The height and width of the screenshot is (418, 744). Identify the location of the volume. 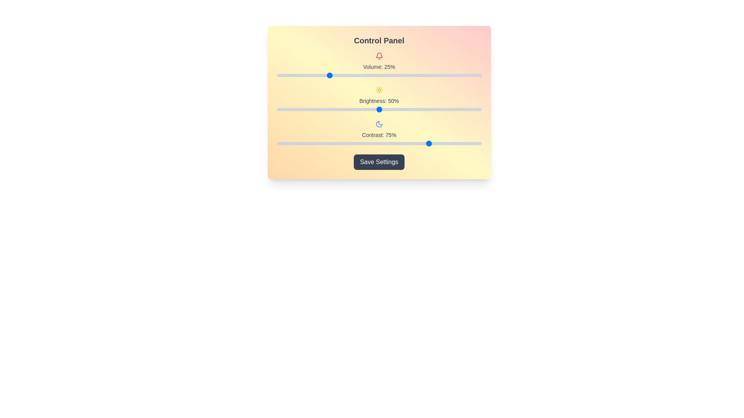
(432, 75).